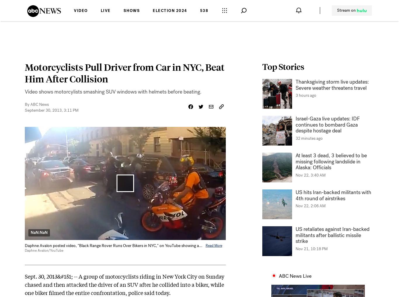  Describe the element at coordinates (327, 124) in the screenshot. I see `'Israel-Gaza live updates: IDF continues to bombard Gaza despite hostage deal'` at that location.